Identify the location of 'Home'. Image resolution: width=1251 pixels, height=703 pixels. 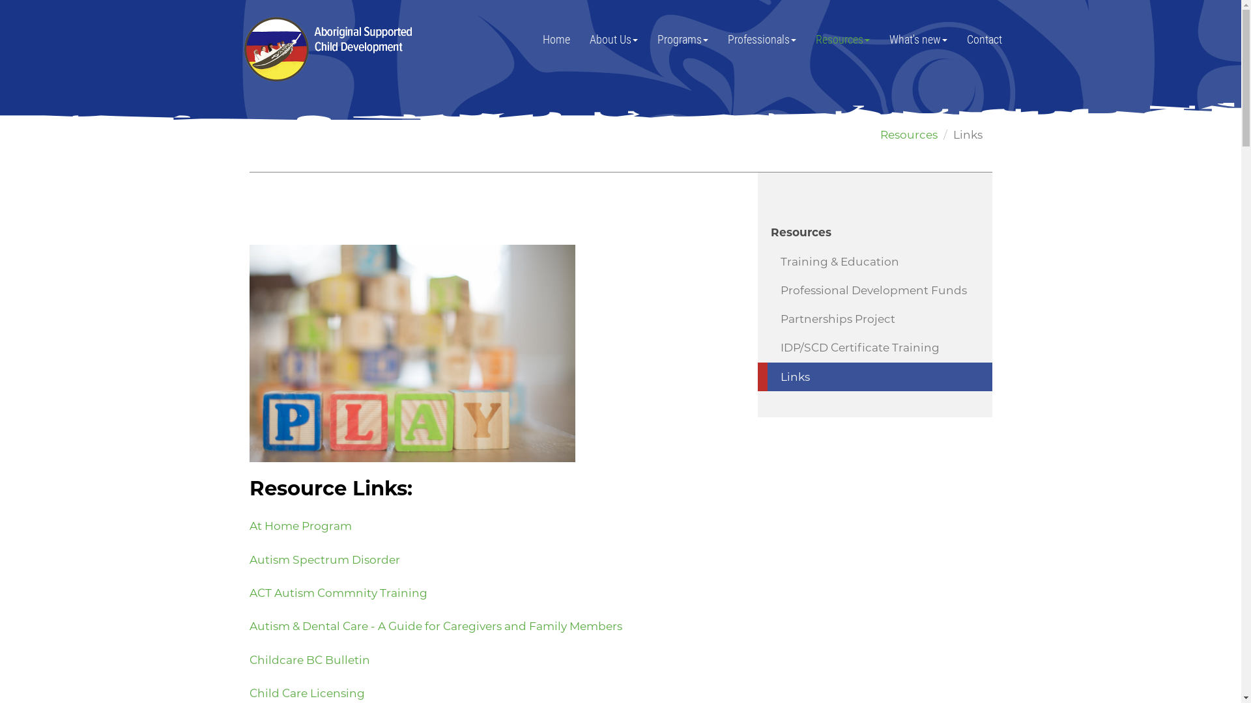
(556, 38).